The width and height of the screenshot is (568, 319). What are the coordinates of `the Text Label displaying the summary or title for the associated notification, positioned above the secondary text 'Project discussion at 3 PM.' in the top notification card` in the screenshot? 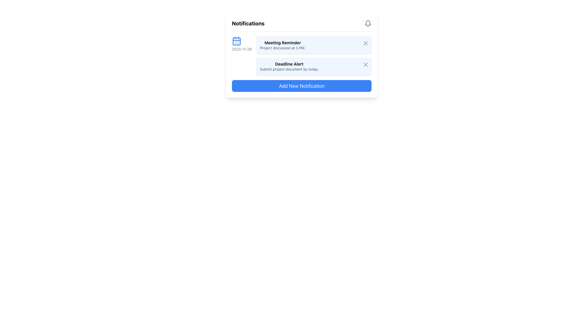 It's located at (282, 43).